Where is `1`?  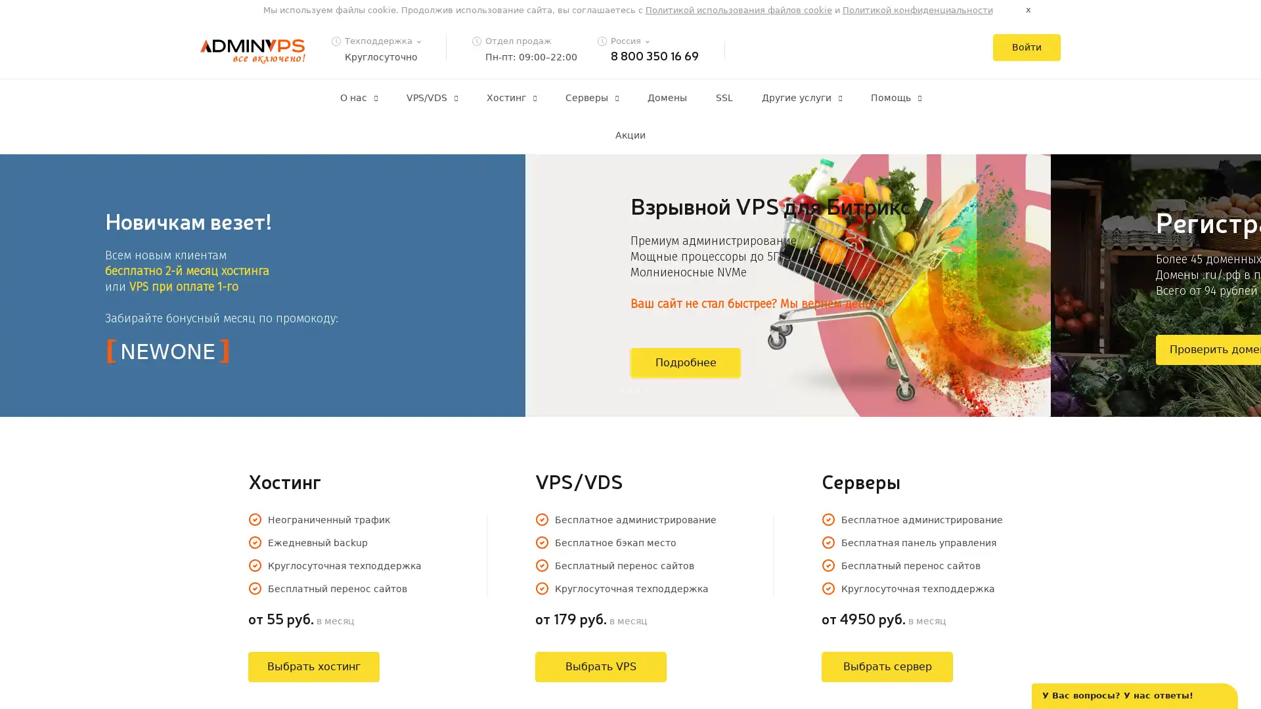 1 is located at coordinates (614, 389).